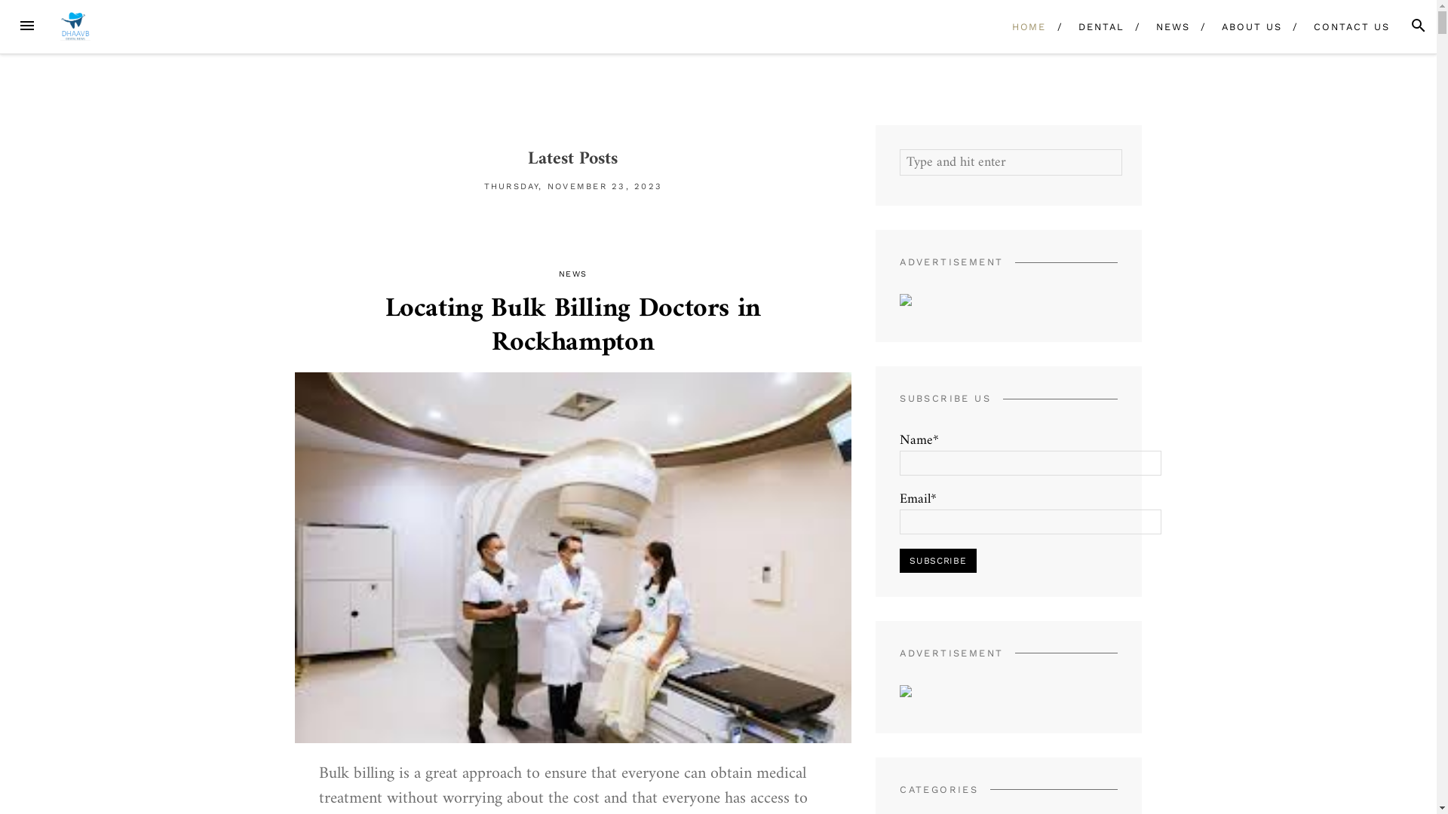 The image size is (1448, 814). I want to click on 'CONTACT US', so click(1351, 26).